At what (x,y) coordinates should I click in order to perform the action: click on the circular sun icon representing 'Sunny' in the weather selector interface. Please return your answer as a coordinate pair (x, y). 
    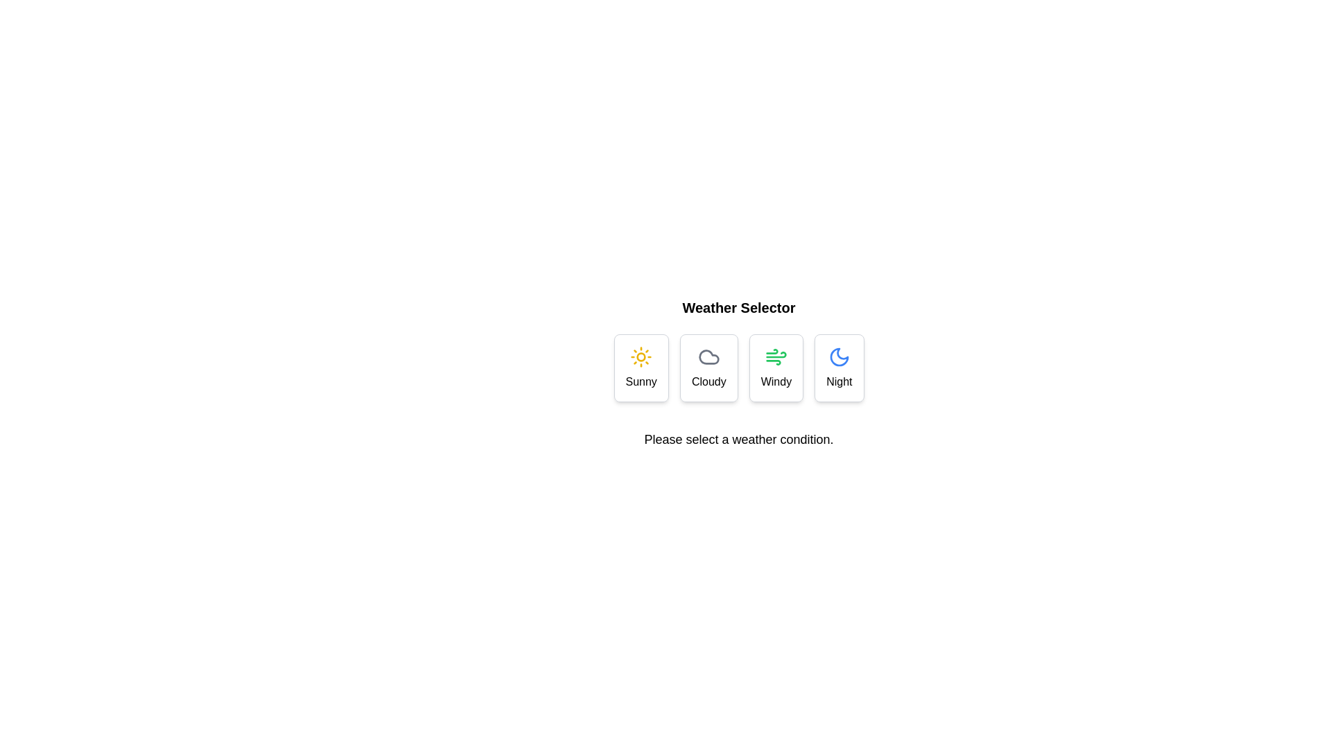
    Looking at the image, I should click on (641, 356).